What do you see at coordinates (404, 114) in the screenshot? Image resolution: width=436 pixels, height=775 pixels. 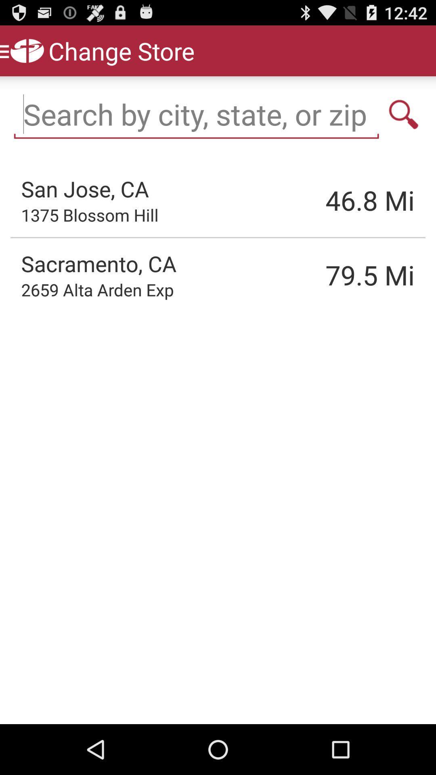 I see `the icon above the  mi app` at bounding box center [404, 114].